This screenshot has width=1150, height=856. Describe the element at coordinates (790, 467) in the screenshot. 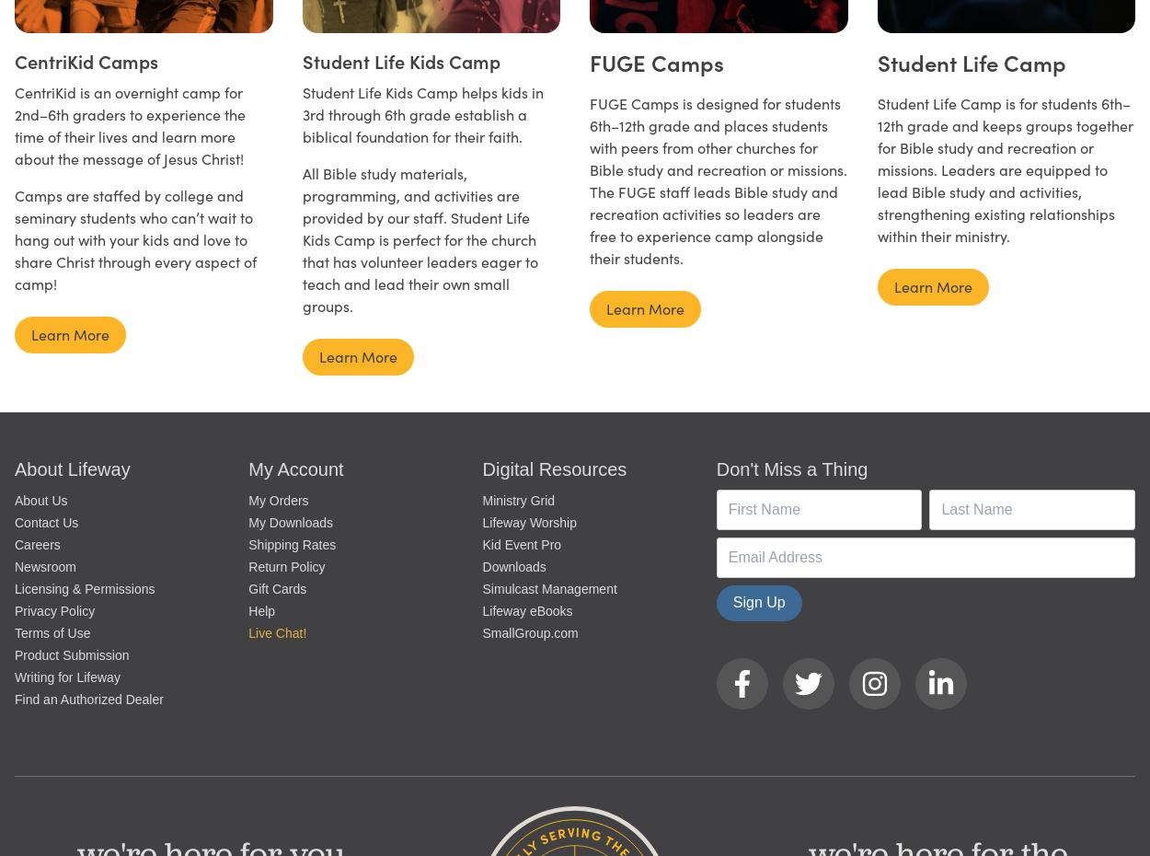

I see `'Don't Miss a Thing'` at that location.